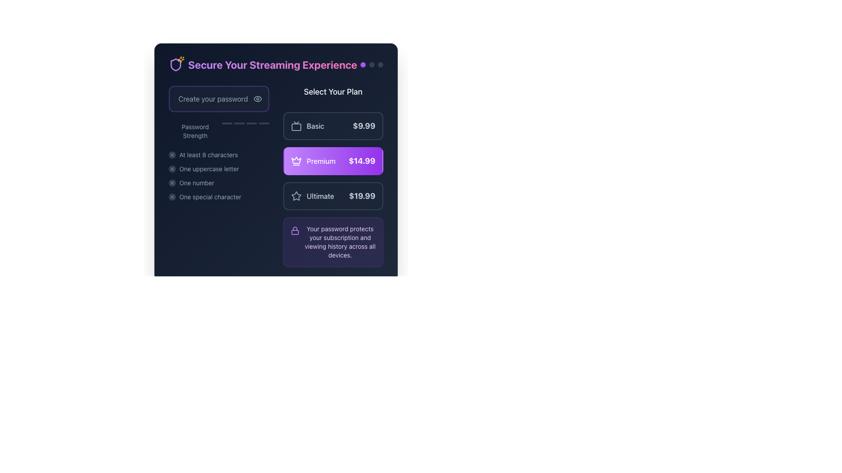  I want to click on text label that describes the requirement for password creation, indicating that the password must include one special character, so click(210, 197).